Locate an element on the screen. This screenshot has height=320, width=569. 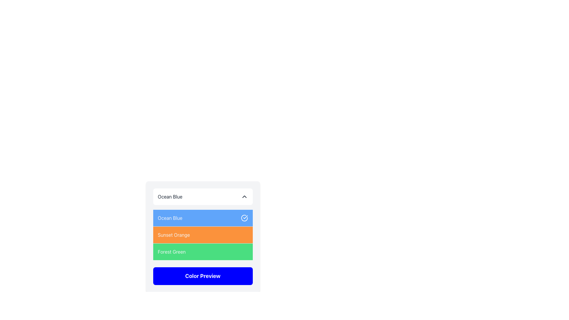
the 'Color Preview' label with a blue background and rounded corners, which is the last visible element in the list of color options is located at coordinates (203, 276).